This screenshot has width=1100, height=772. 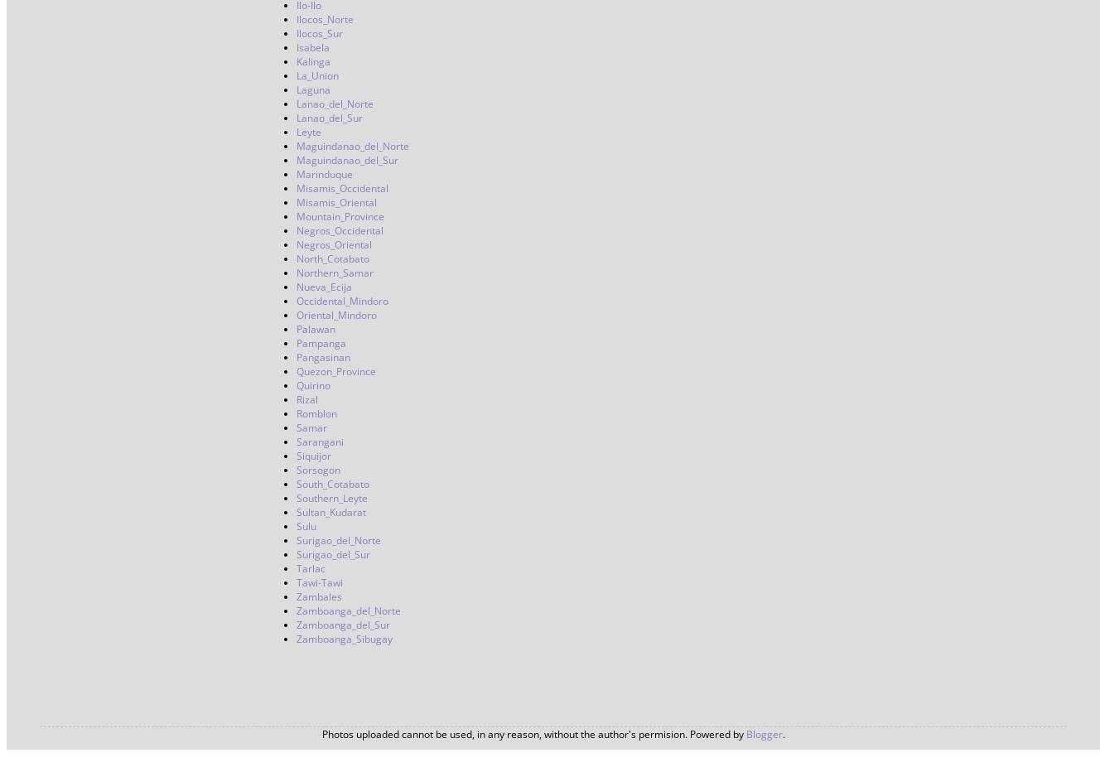 What do you see at coordinates (340, 229) in the screenshot?
I see `'Negros_Occidental'` at bounding box center [340, 229].